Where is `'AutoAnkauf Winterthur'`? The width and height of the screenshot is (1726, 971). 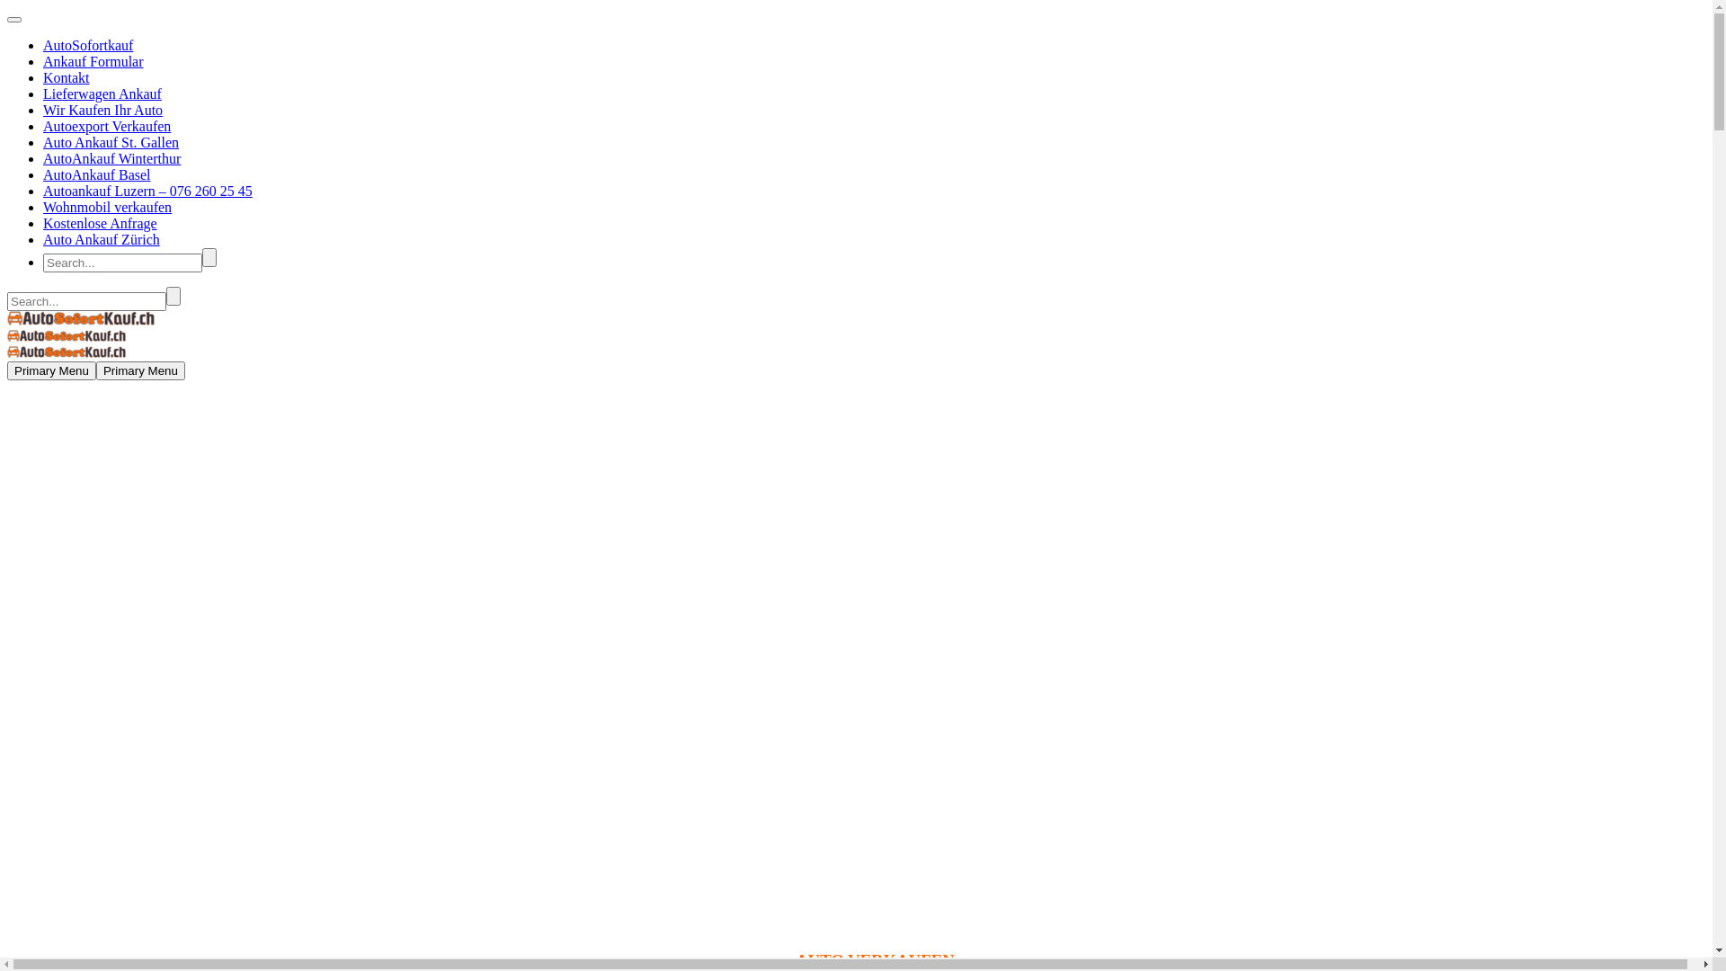
'AutoAnkauf Winterthur' is located at coordinates (111, 157).